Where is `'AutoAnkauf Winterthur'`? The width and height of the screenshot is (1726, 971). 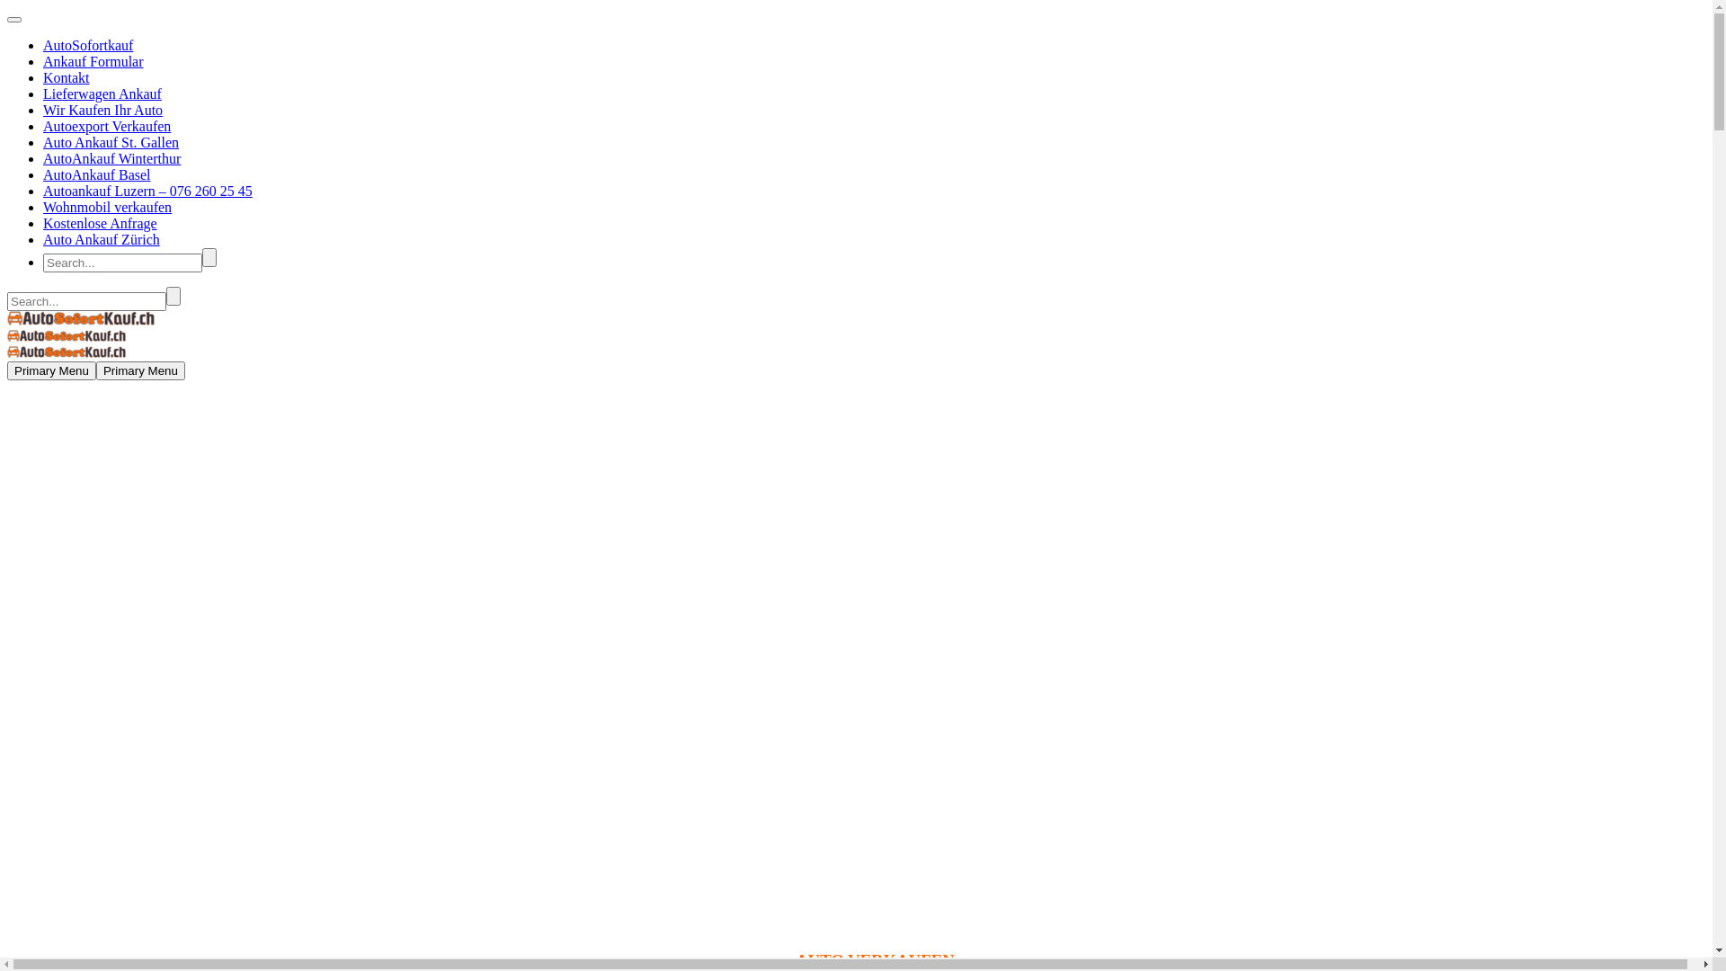
'AutoAnkauf Winterthur' is located at coordinates (111, 157).